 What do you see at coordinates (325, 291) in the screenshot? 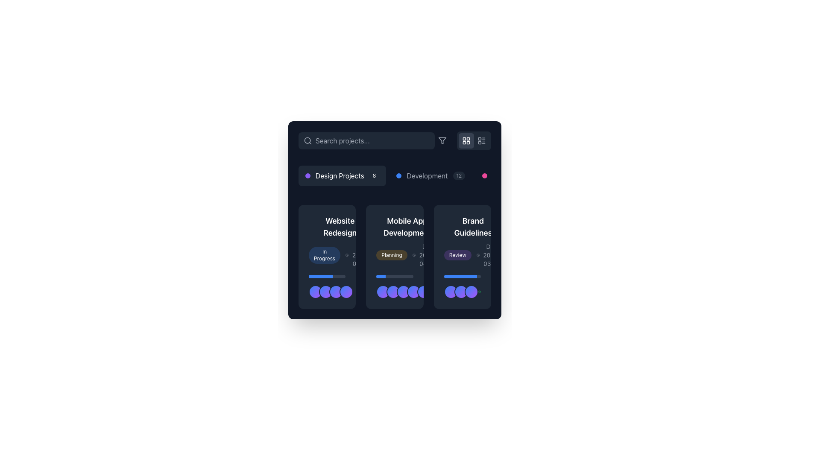
I see `the circular graphical indicator with a gradient background transitioning from blue to purple, located in the lower section of the 'Website Redesign' card` at bounding box center [325, 291].